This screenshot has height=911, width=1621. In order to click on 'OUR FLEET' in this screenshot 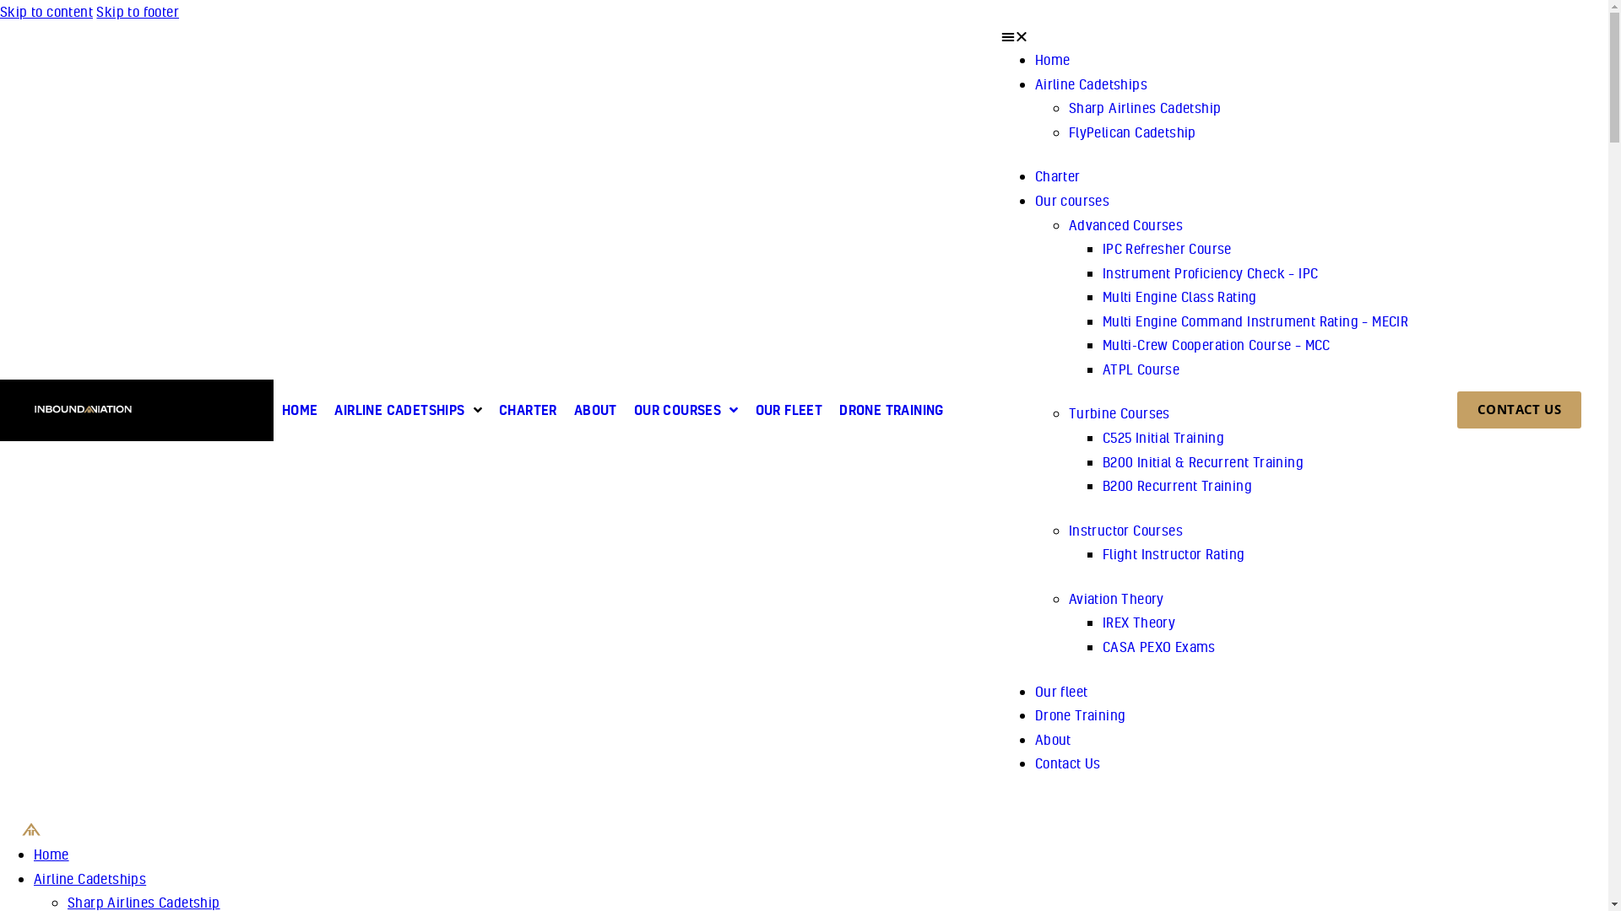, I will do `click(789, 410)`.